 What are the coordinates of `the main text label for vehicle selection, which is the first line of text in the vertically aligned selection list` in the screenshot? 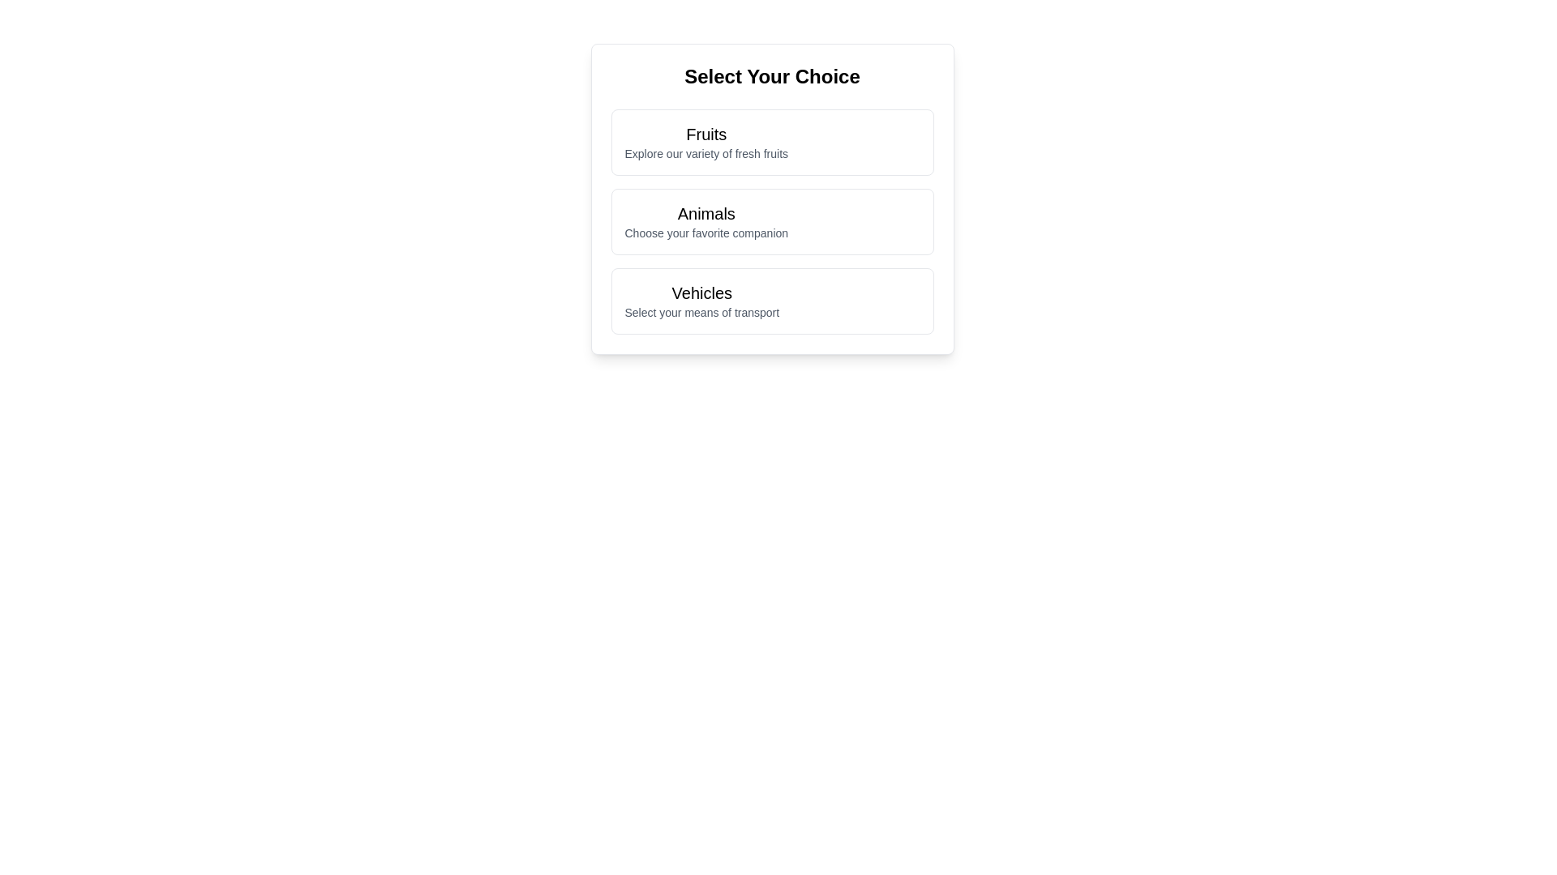 It's located at (701, 293).